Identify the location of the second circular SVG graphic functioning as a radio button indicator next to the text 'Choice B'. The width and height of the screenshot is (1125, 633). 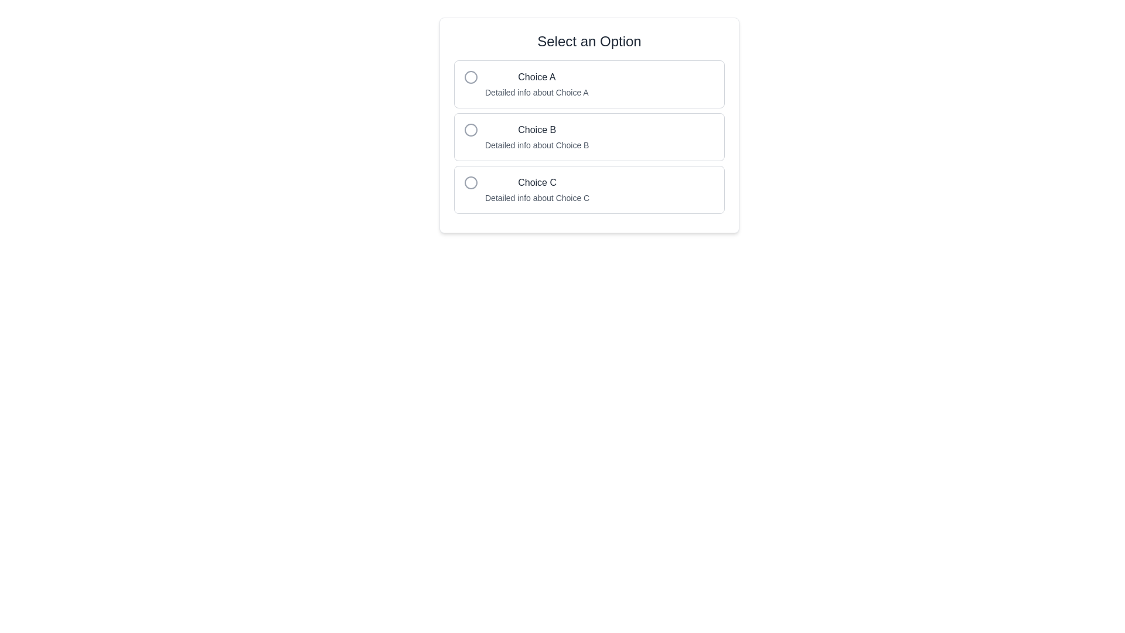
(471, 130).